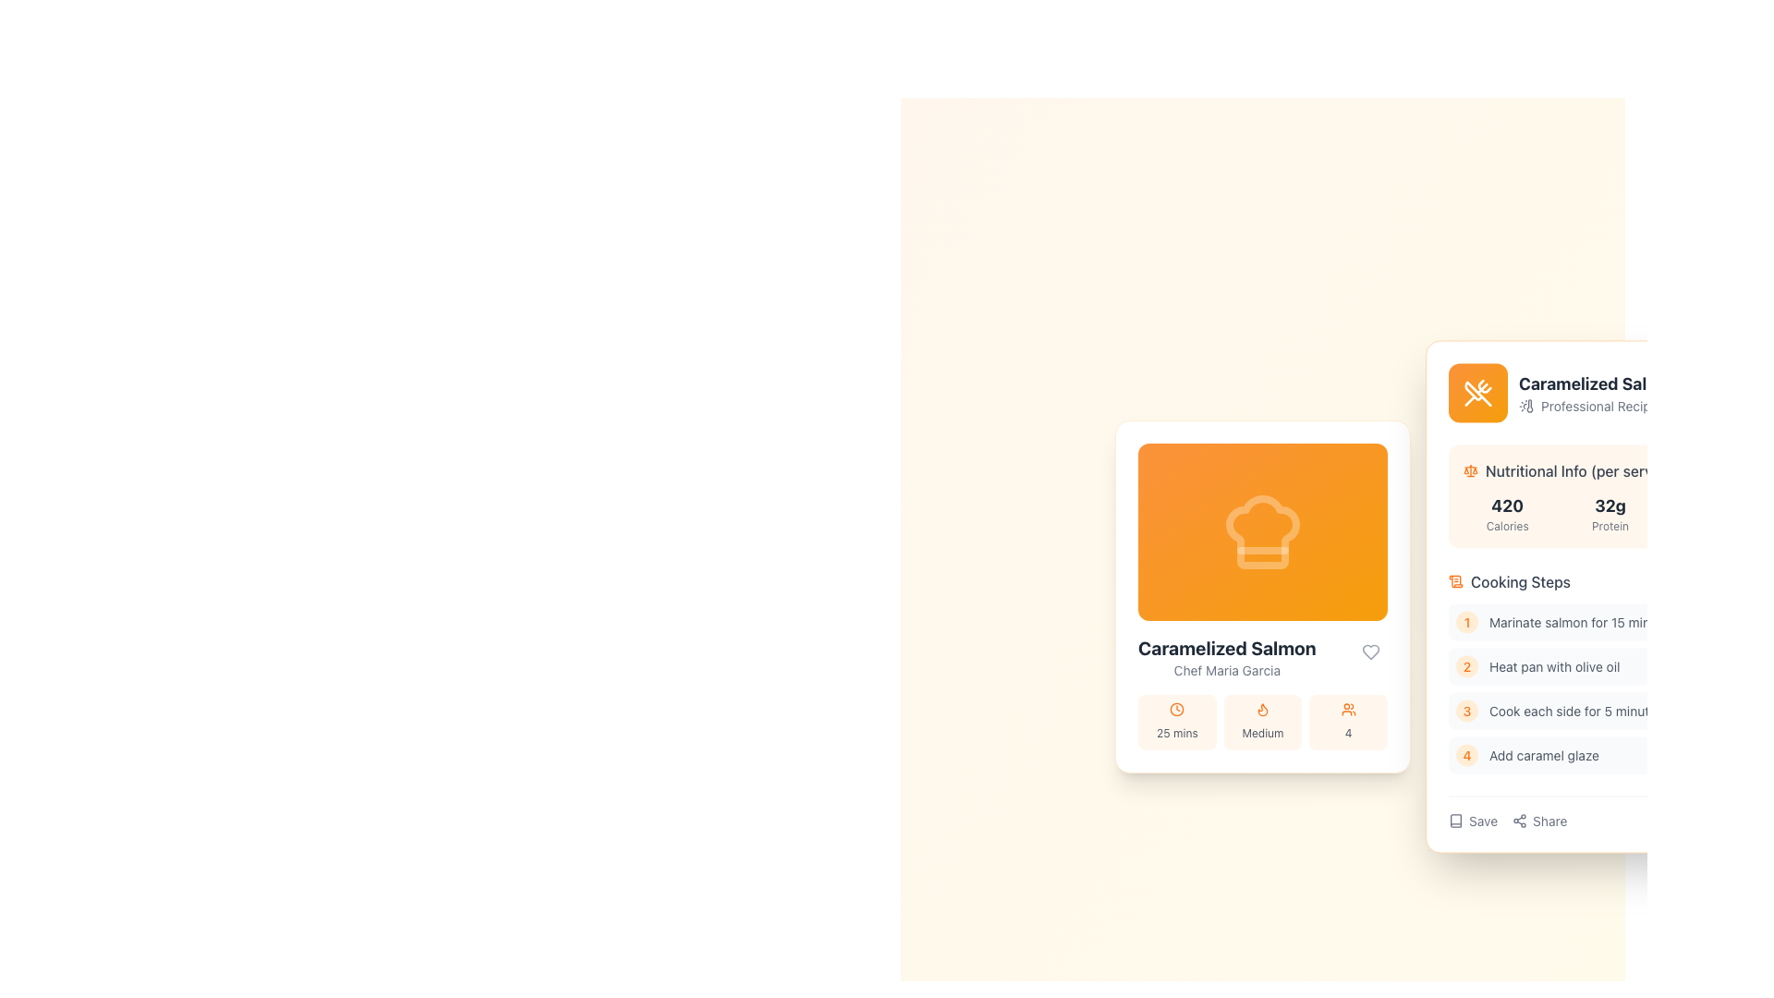 The height and width of the screenshot is (998, 1774). Describe the element at coordinates (1609, 709) in the screenshot. I see `the third list item in the cooking steps section, which features a circular icon with the number '3' in orange and the text 'Cook each side for 5 minutes'` at that location.